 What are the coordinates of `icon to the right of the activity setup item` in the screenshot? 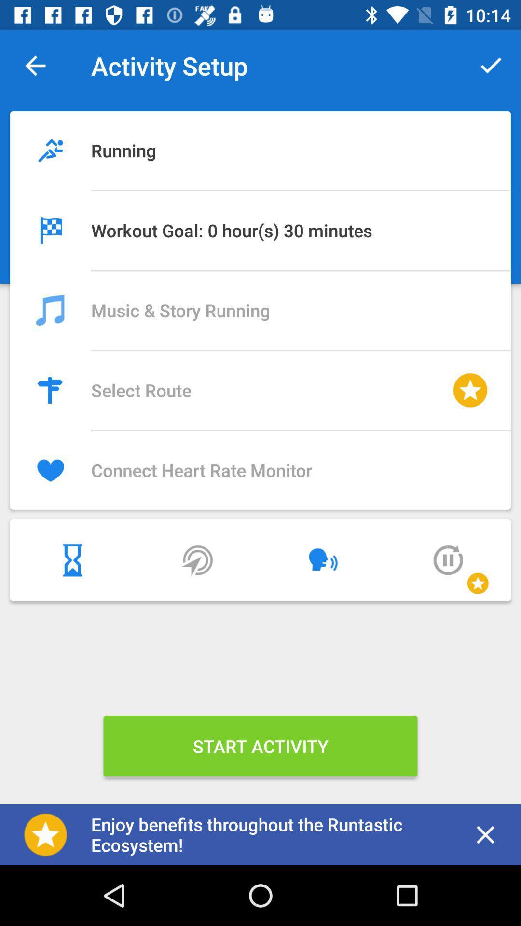 It's located at (491, 65).